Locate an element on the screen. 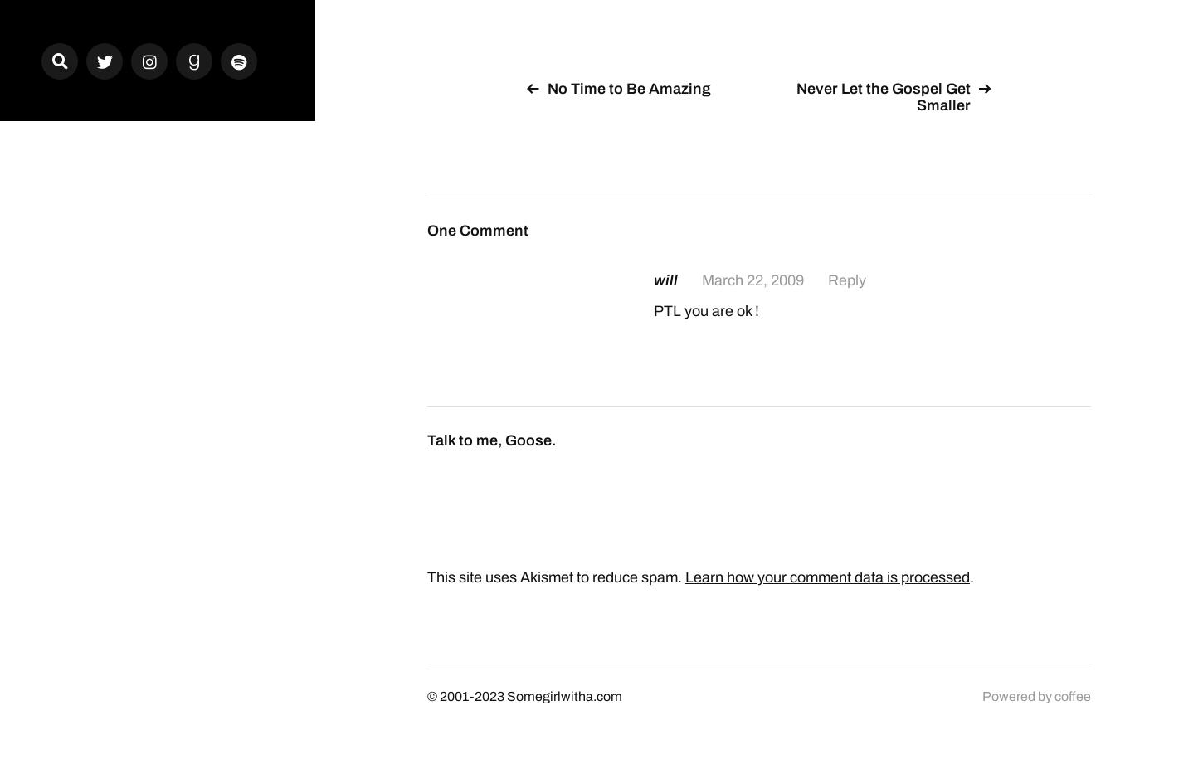 The width and height of the screenshot is (1203, 769). 'Somegirlwitha.com' is located at coordinates (563, 695).